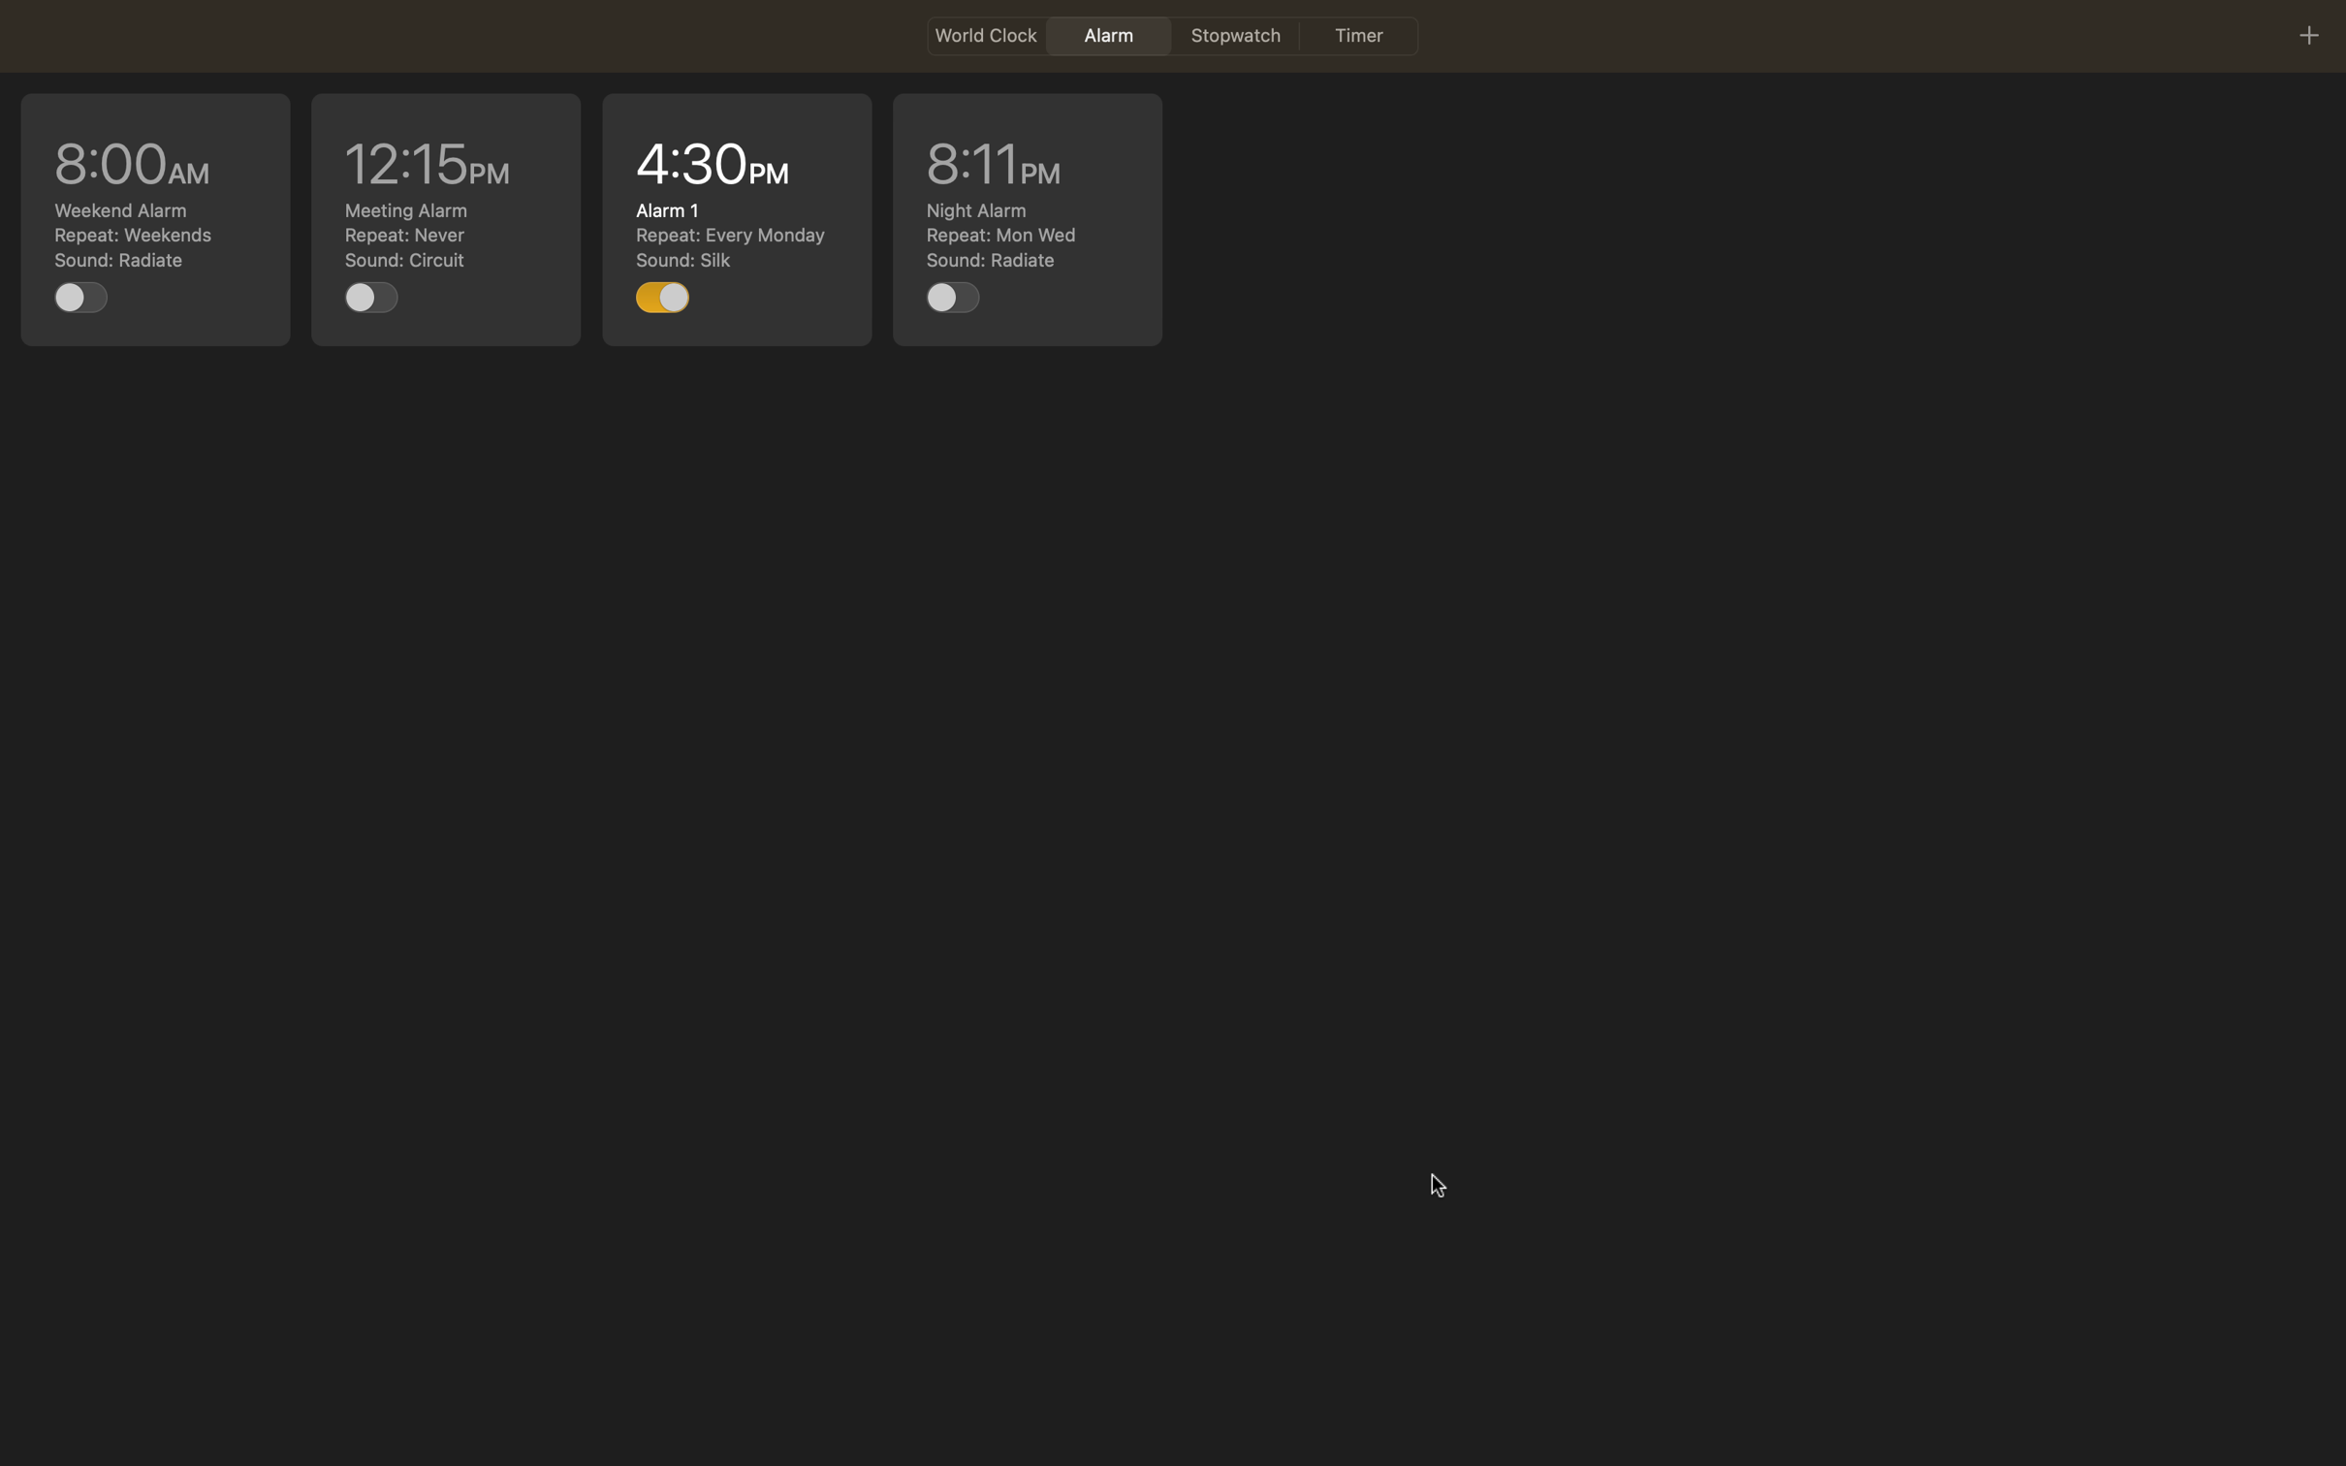 The height and width of the screenshot is (1466, 2346). What do you see at coordinates (446, 218) in the screenshot?
I see `Make changes to the 12pm appointment` at bounding box center [446, 218].